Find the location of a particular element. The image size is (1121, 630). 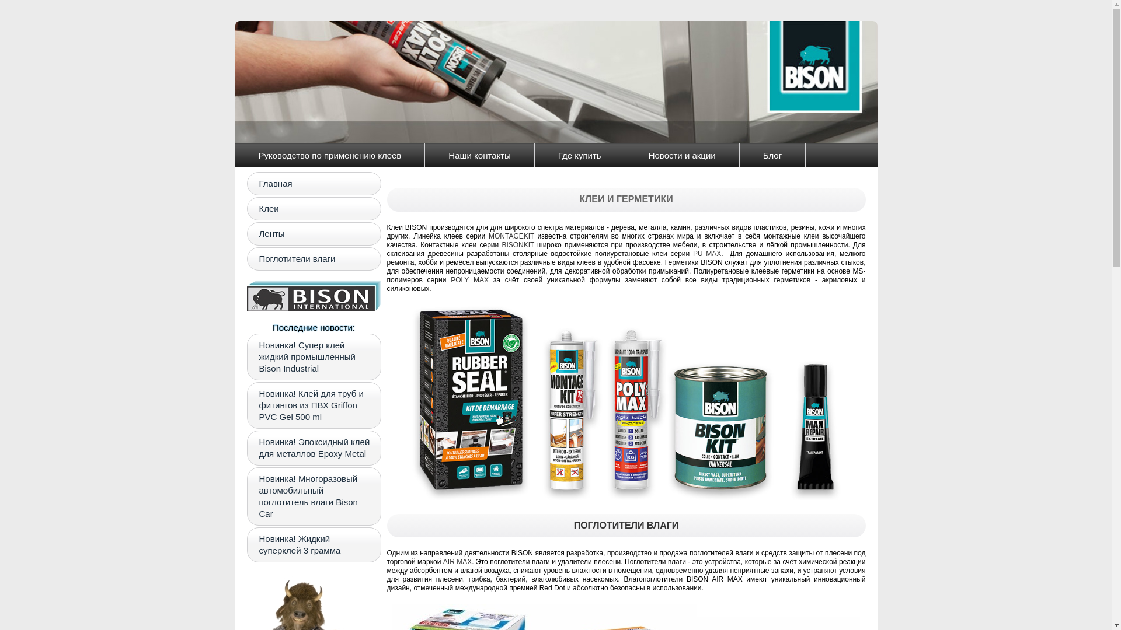

'BISONKIT' is located at coordinates (517, 244).